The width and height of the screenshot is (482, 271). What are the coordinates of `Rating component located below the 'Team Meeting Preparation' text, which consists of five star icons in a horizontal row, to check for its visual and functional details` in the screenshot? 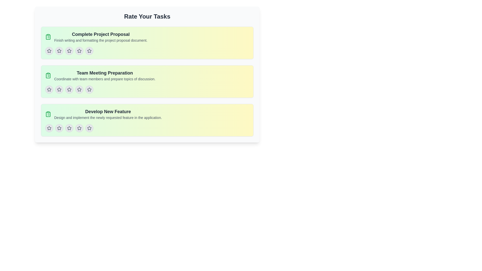 It's located at (147, 89).